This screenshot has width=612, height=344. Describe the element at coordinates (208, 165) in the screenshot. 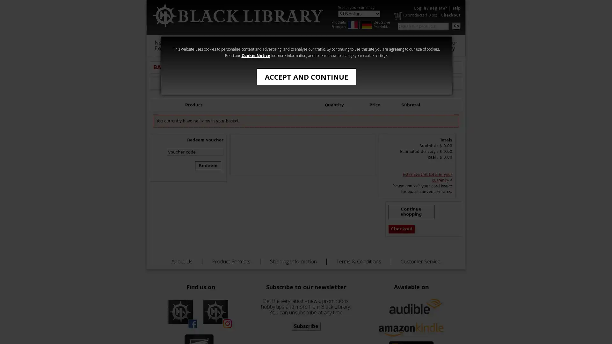

I see `Redeem` at that location.